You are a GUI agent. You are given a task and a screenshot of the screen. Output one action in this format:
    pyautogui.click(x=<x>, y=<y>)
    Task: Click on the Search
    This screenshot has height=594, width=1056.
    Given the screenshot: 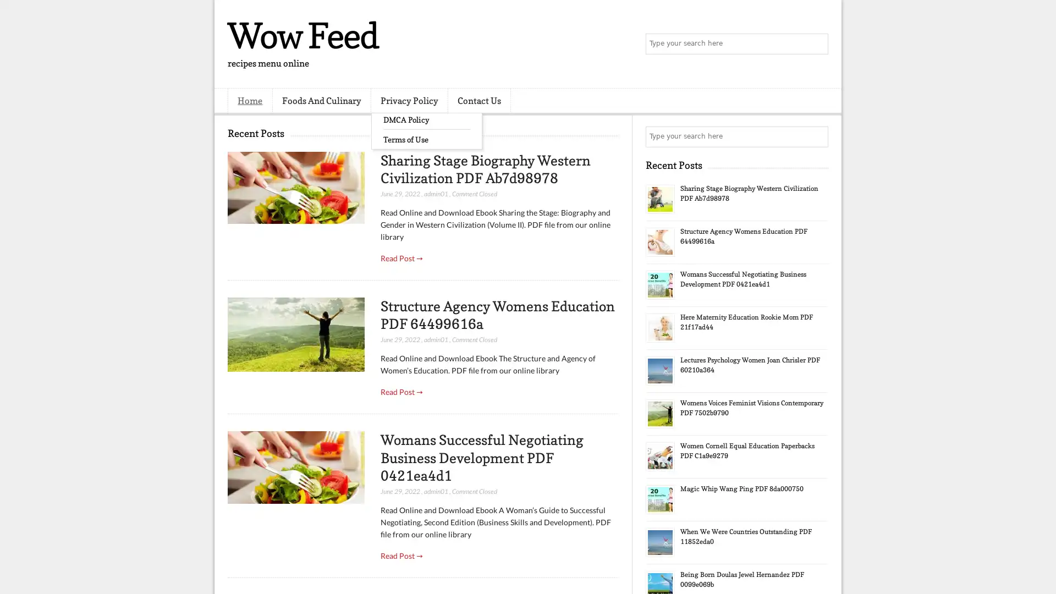 What is the action you would take?
    pyautogui.click(x=817, y=136)
    